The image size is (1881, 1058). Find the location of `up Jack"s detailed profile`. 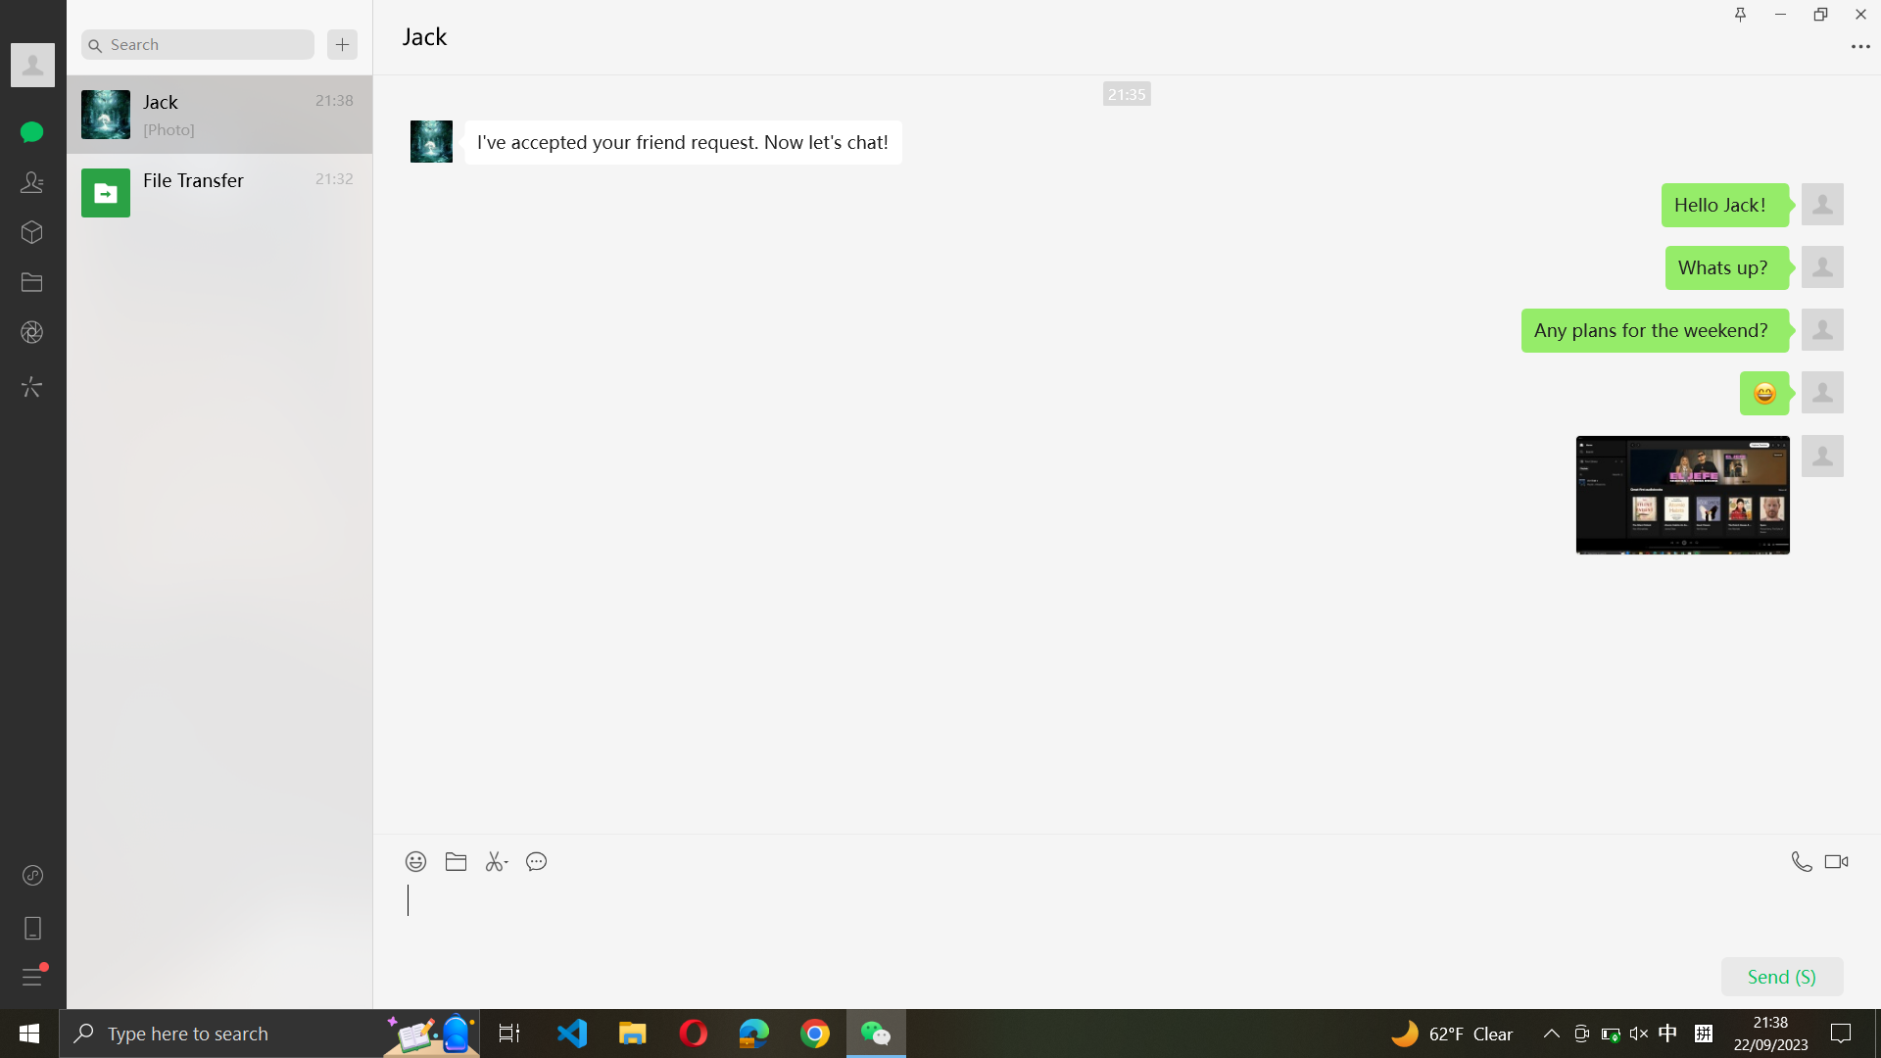

up Jack"s detailed profile is located at coordinates (32, 67).